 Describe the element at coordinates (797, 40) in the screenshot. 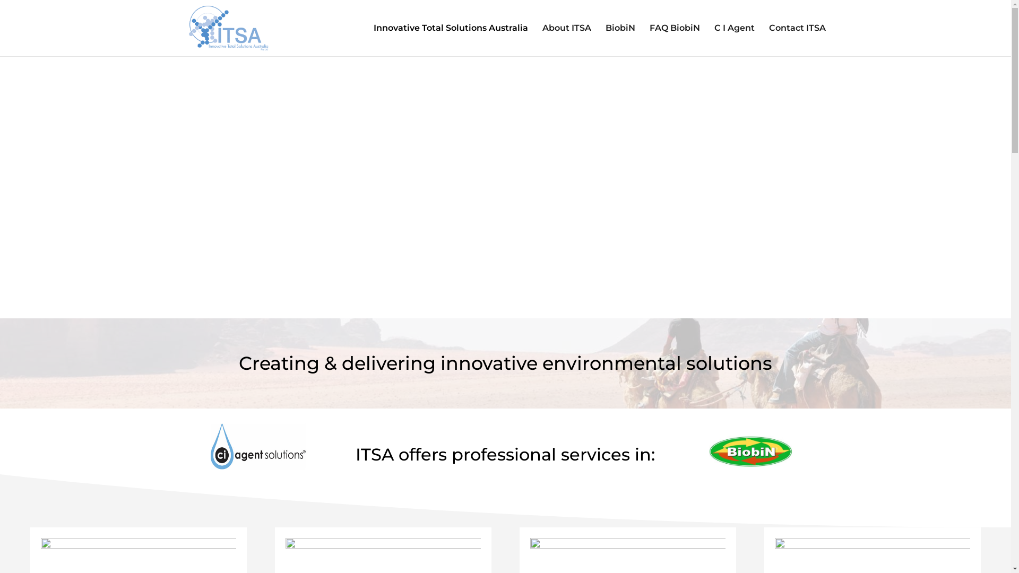

I see `'Contact ITSA'` at that location.